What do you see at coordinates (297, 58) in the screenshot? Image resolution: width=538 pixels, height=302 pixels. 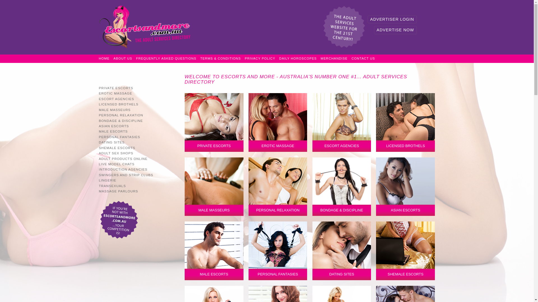 I see `'DAILY HOROSCOPES'` at bounding box center [297, 58].